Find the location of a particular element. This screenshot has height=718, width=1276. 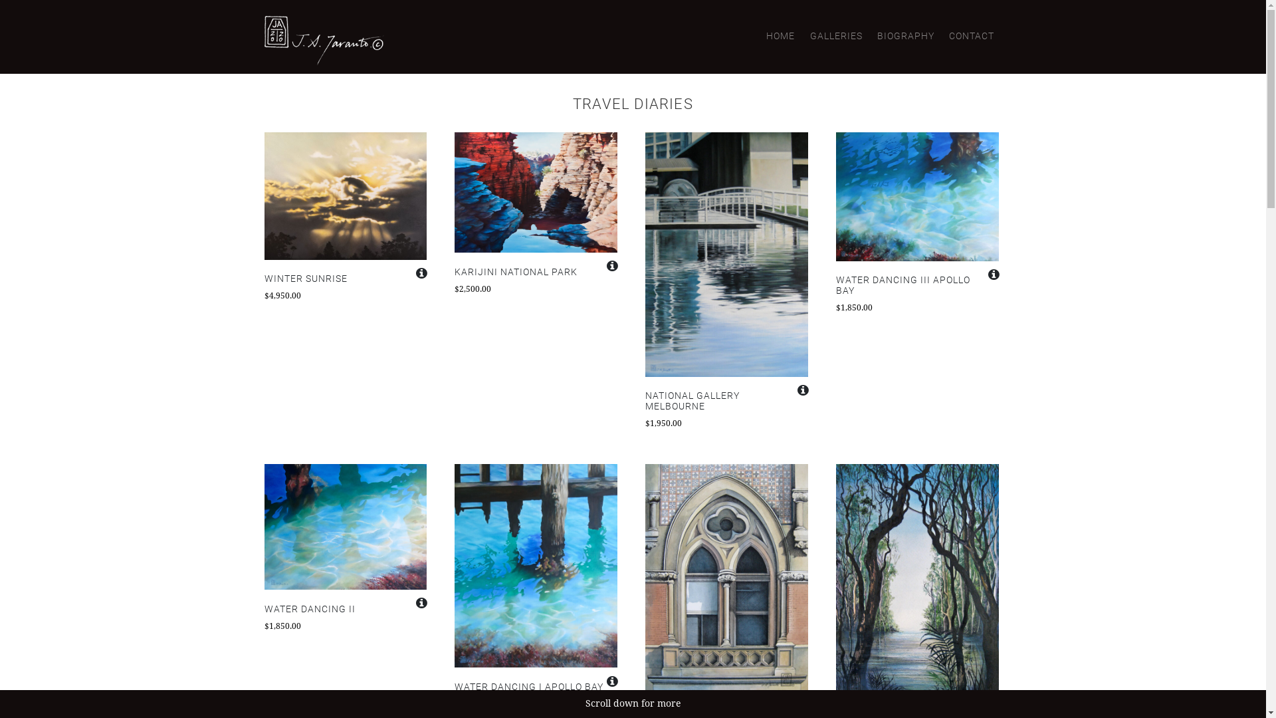

'CONTACT' is located at coordinates (972, 35).